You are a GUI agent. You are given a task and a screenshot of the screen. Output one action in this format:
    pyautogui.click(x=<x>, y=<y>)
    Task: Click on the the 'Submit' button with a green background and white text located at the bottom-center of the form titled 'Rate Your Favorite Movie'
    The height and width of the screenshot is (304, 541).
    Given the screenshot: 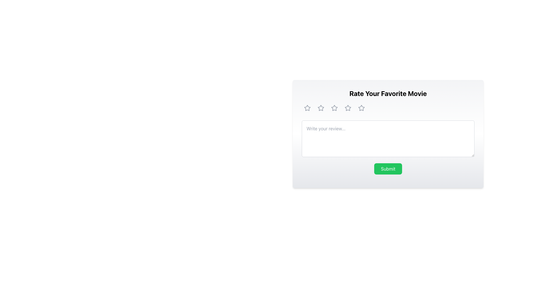 What is the action you would take?
    pyautogui.click(x=388, y=169)
    